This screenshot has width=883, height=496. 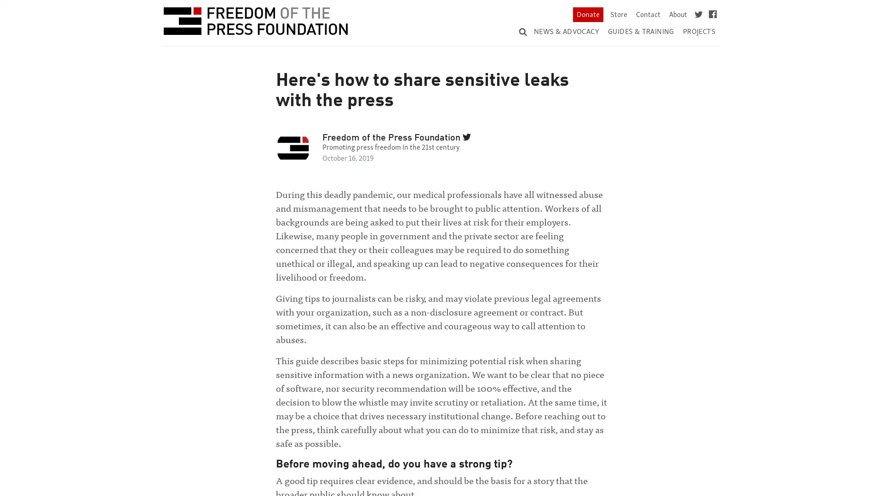 What do you see at coordinates (696, 23) in the screenshot?
I see `Search` at bounding box center [696, 23].